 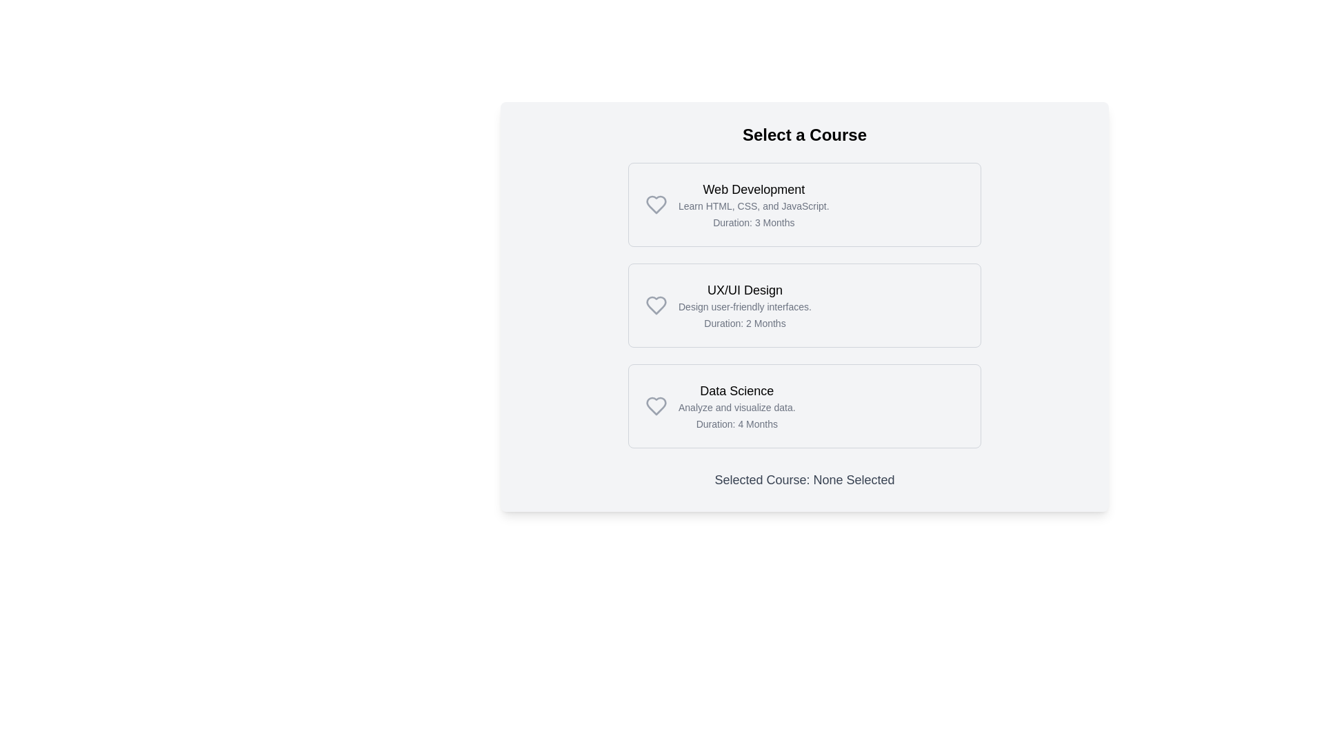 What do you see at coordinates (804, 305) in the screenshot?
I see `the 'UX/UI Design' button, which is the second button in a vertical list of three buttons` at bounding box center [804, 305].